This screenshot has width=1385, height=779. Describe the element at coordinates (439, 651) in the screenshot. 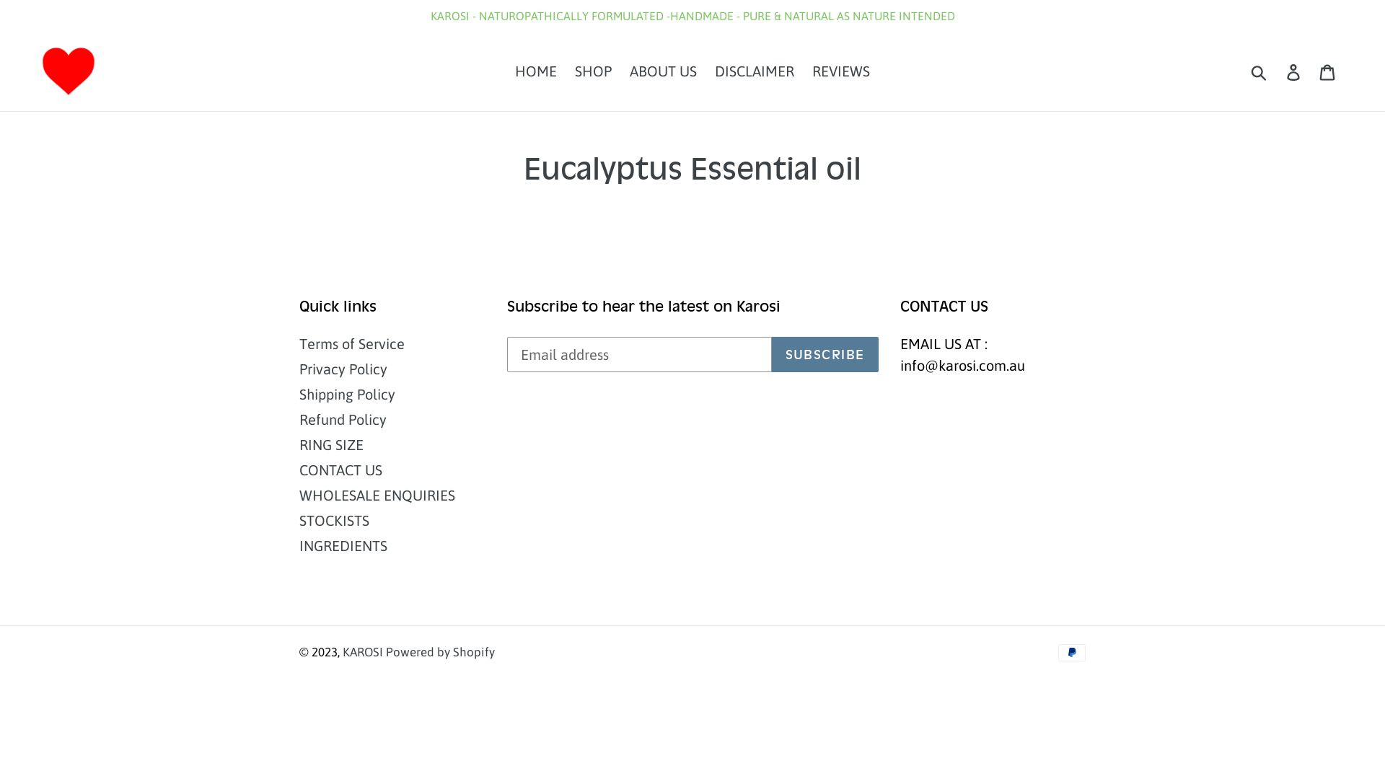

I see `'Powered by Shopify'` at that location.